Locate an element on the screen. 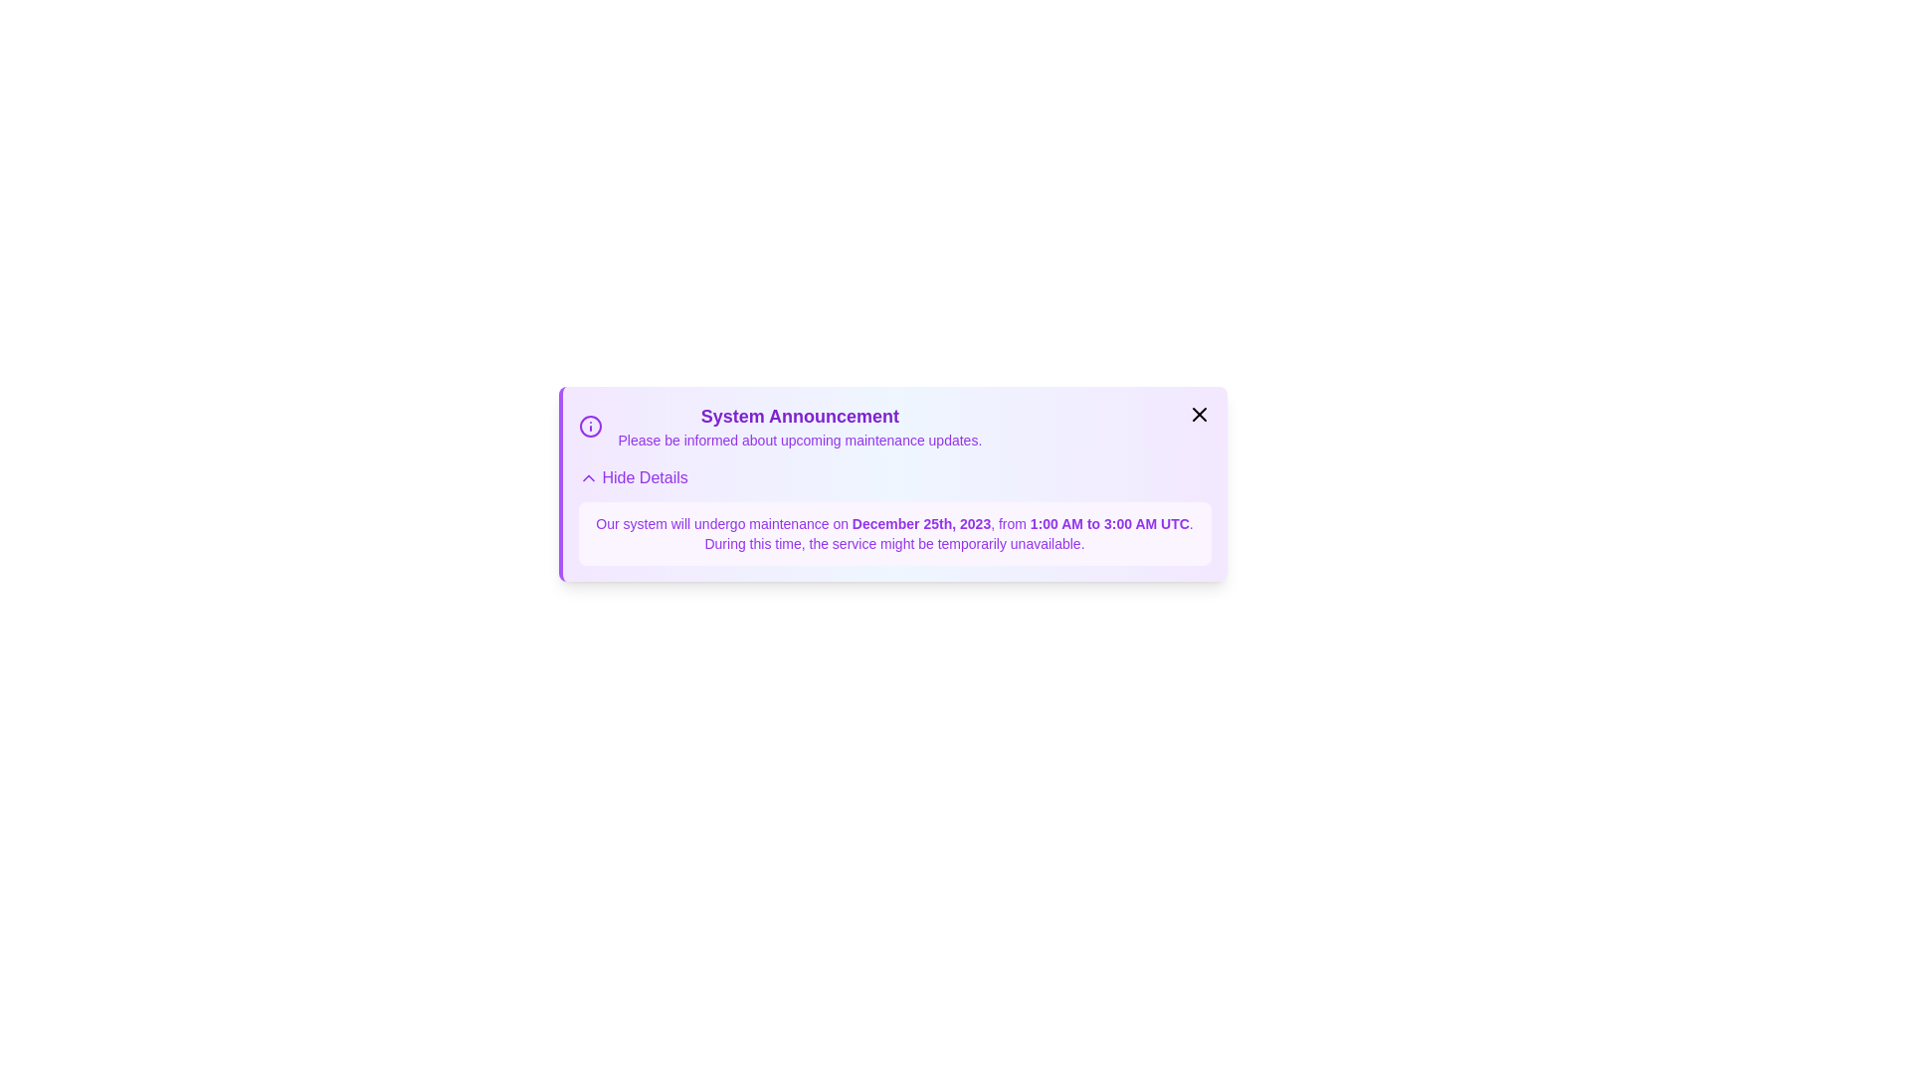  maintenance message displayed in the light purple text block located centrally at the bottom of the notification popup is located at coordinates (893, 532).